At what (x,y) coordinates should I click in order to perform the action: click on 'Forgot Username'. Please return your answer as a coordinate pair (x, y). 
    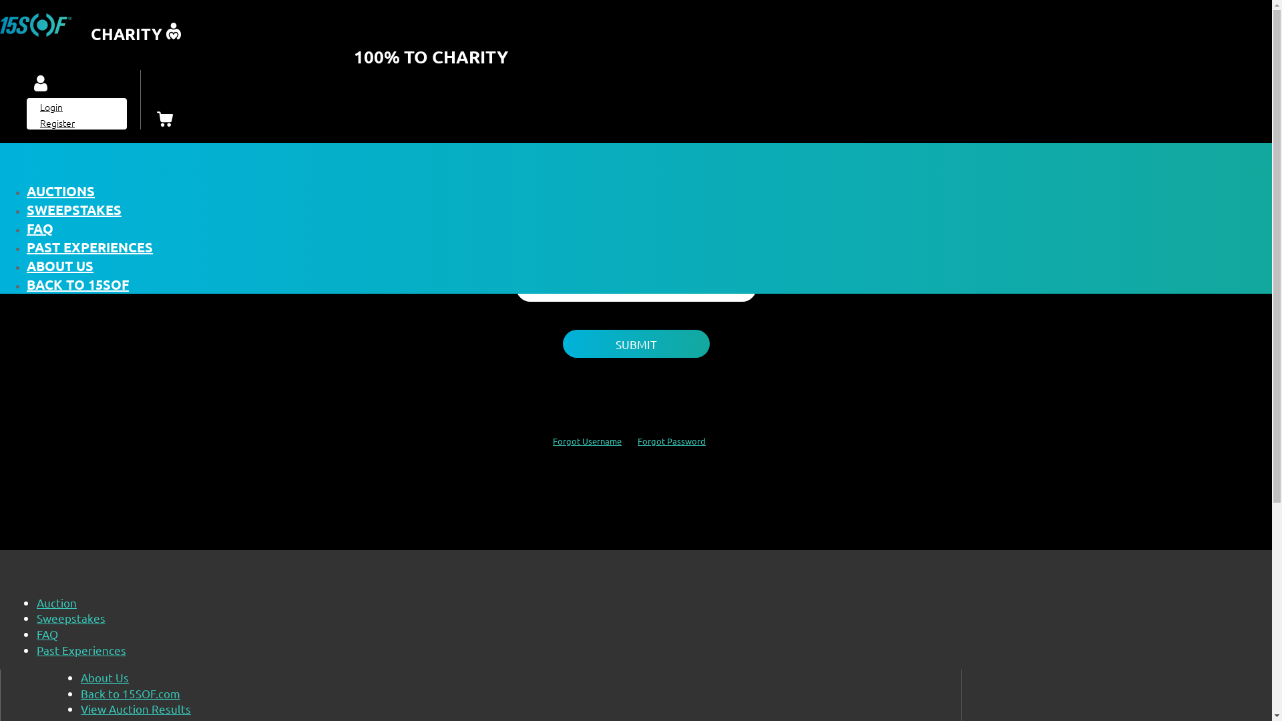
    Looking at the image, I should click on (587, 441).